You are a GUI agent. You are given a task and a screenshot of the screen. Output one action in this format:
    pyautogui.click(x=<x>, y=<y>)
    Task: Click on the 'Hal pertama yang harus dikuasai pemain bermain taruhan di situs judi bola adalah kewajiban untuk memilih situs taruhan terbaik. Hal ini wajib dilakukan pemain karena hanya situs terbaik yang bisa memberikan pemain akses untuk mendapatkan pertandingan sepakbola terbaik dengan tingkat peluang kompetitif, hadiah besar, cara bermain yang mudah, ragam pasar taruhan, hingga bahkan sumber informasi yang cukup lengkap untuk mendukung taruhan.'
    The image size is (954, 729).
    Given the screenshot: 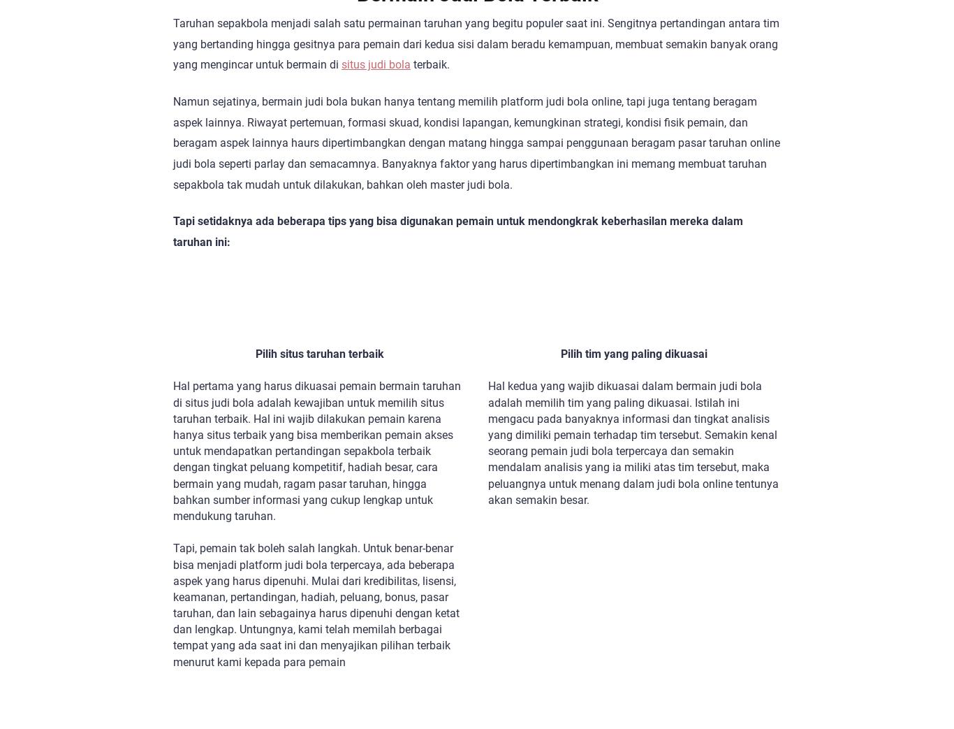 What is the action you would take?
    pyautogui.click(x=173, y=449)
    